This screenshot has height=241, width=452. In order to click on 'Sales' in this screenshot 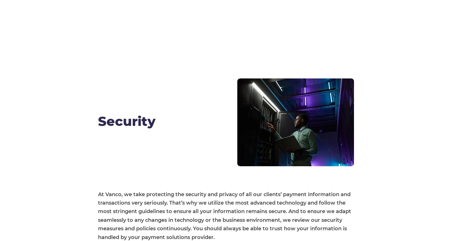, I will do `click(336, 152)`.